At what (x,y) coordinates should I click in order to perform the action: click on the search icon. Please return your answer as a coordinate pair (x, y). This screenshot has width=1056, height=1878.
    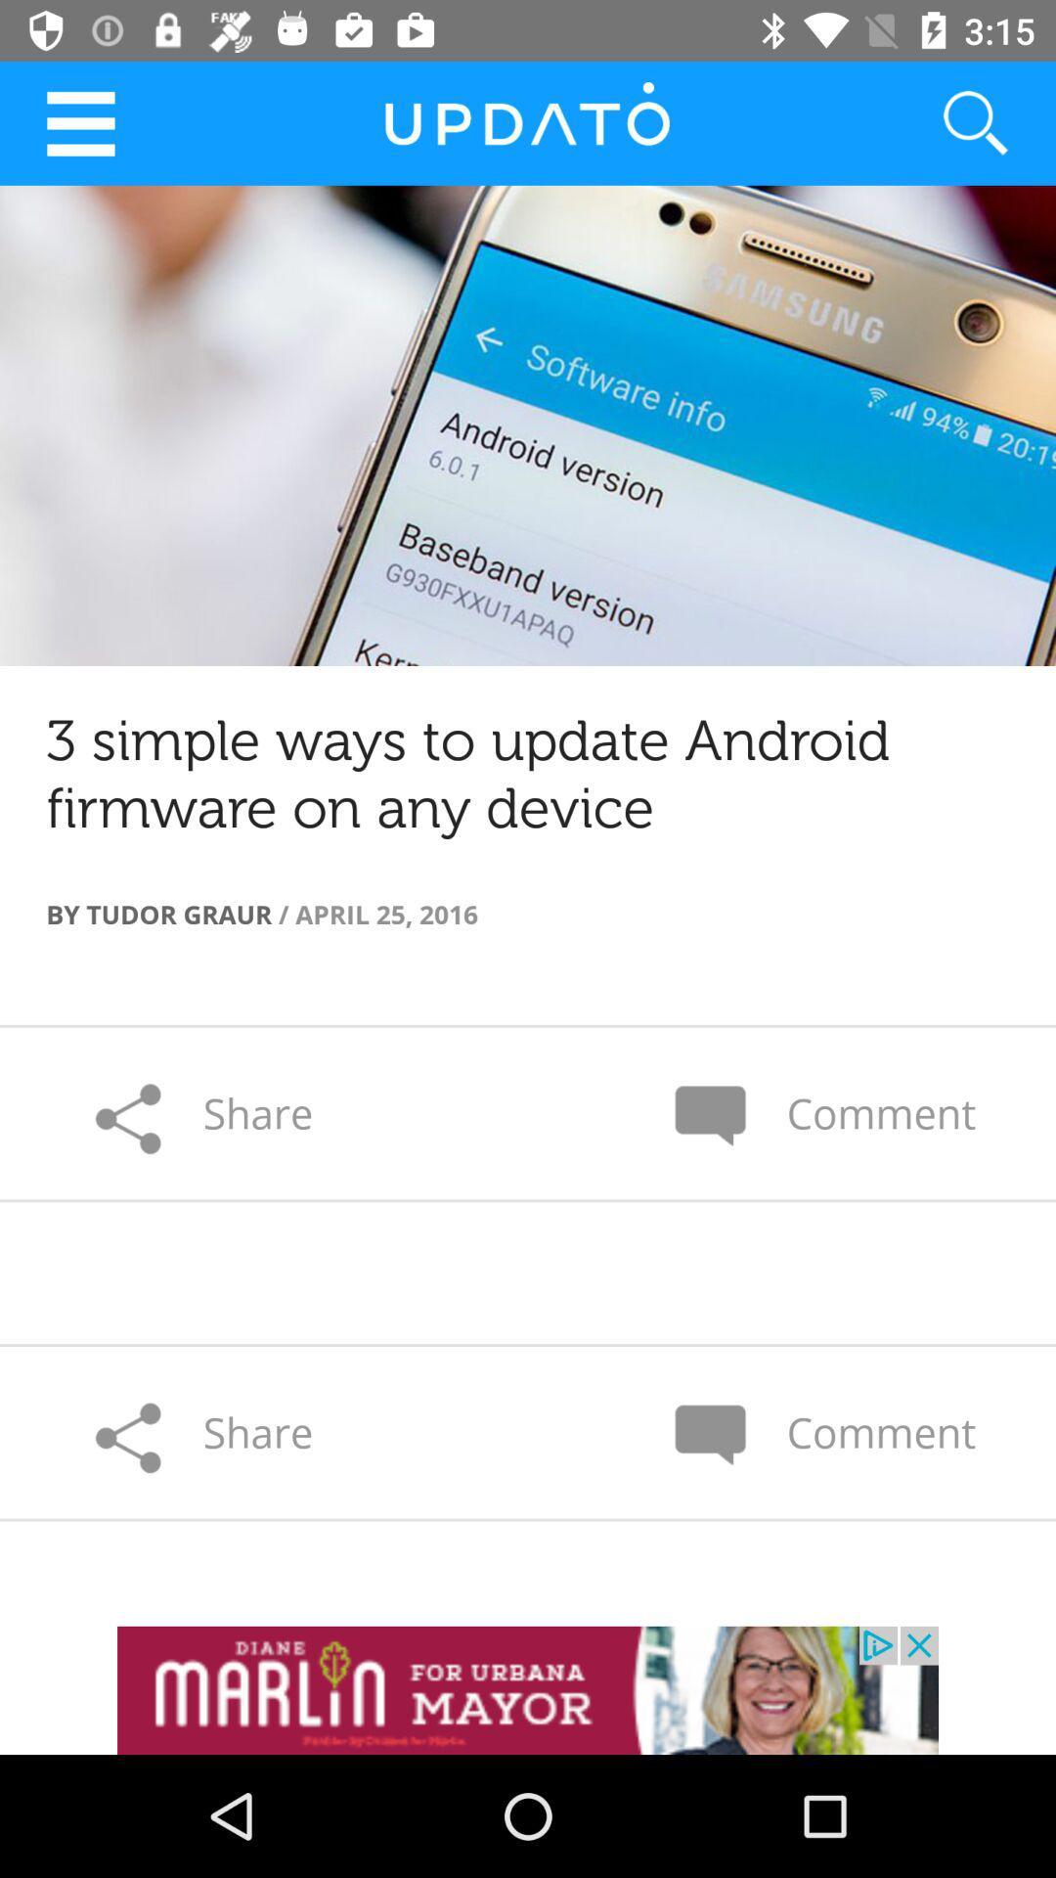
    Looking at the image, I should click on (950, 122).